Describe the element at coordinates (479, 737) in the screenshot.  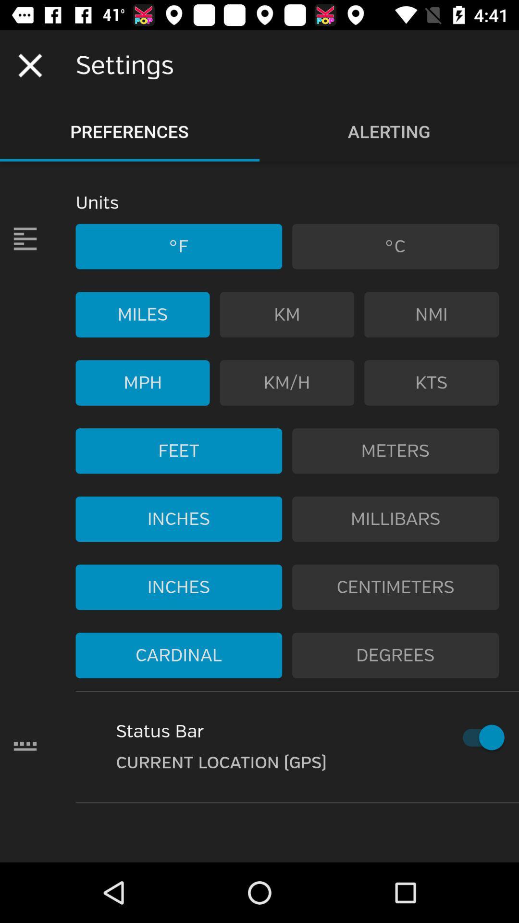
I see `turn location on off` at that location.